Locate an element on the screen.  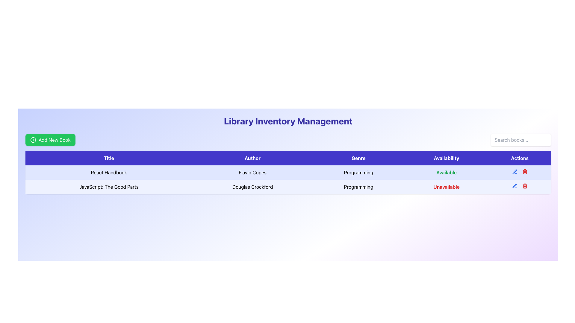
the search field for books, which is located at the top-right corner of the interface, to indicate focus with a ring is located at coordinates (520, 140).